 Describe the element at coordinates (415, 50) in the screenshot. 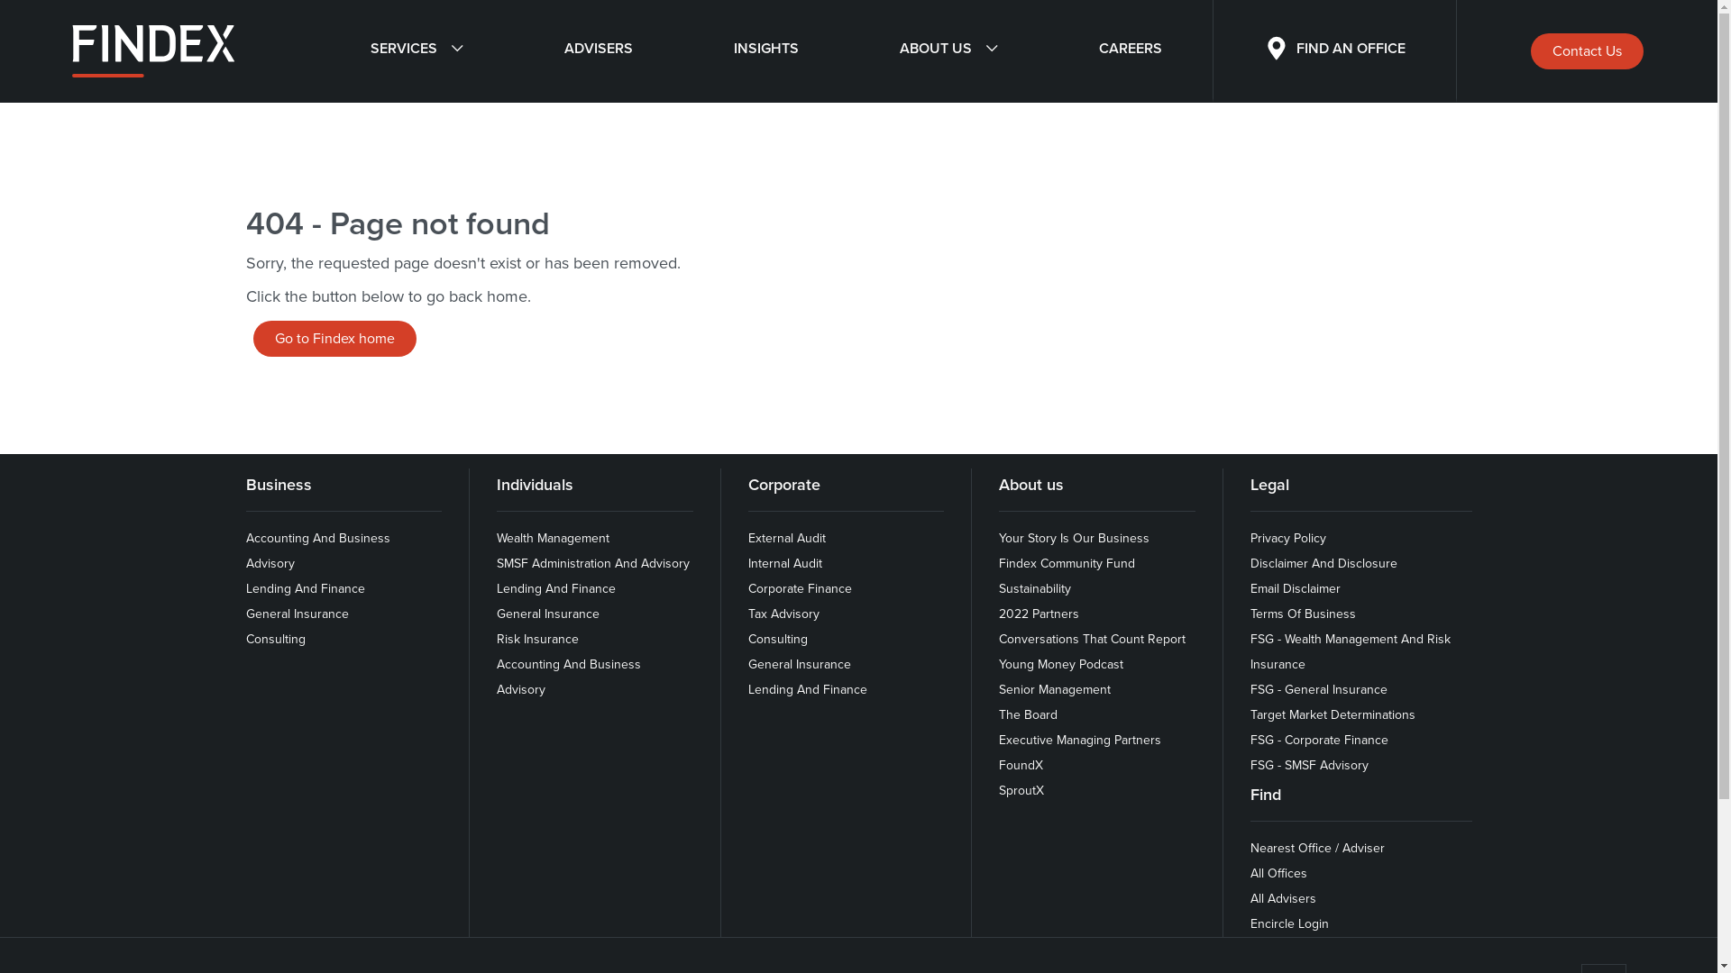

I see `'SERVICES'` at that location.